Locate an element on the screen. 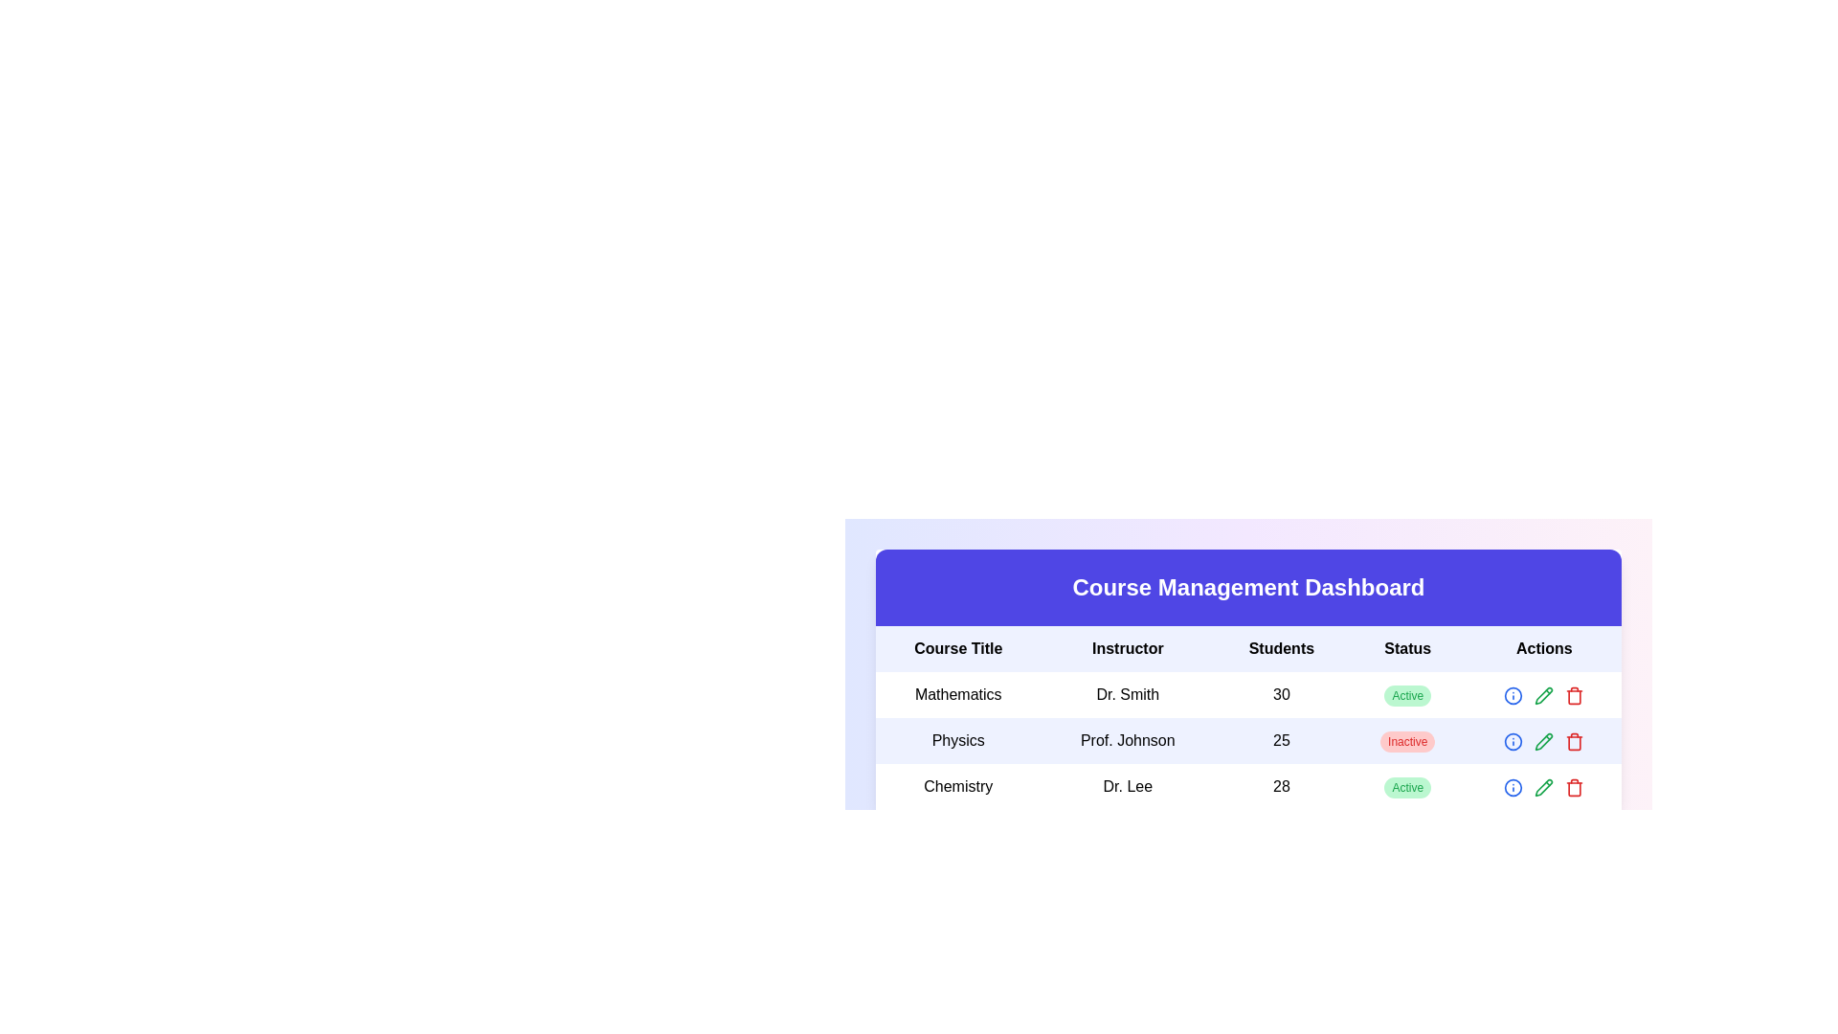  the edit button icon in the 'Actions' section of the Physics row corresponding to Prof. Johnson is located at coordinates (1544, 740).